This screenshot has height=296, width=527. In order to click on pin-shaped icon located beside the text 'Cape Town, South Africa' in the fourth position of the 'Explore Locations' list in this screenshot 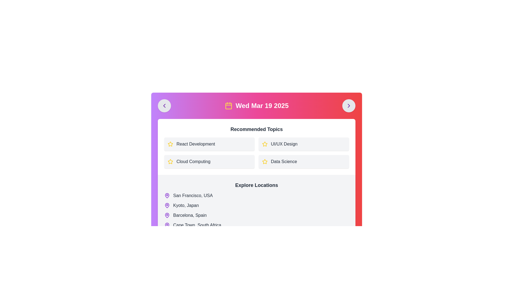, I will do `click(167, 225)`.